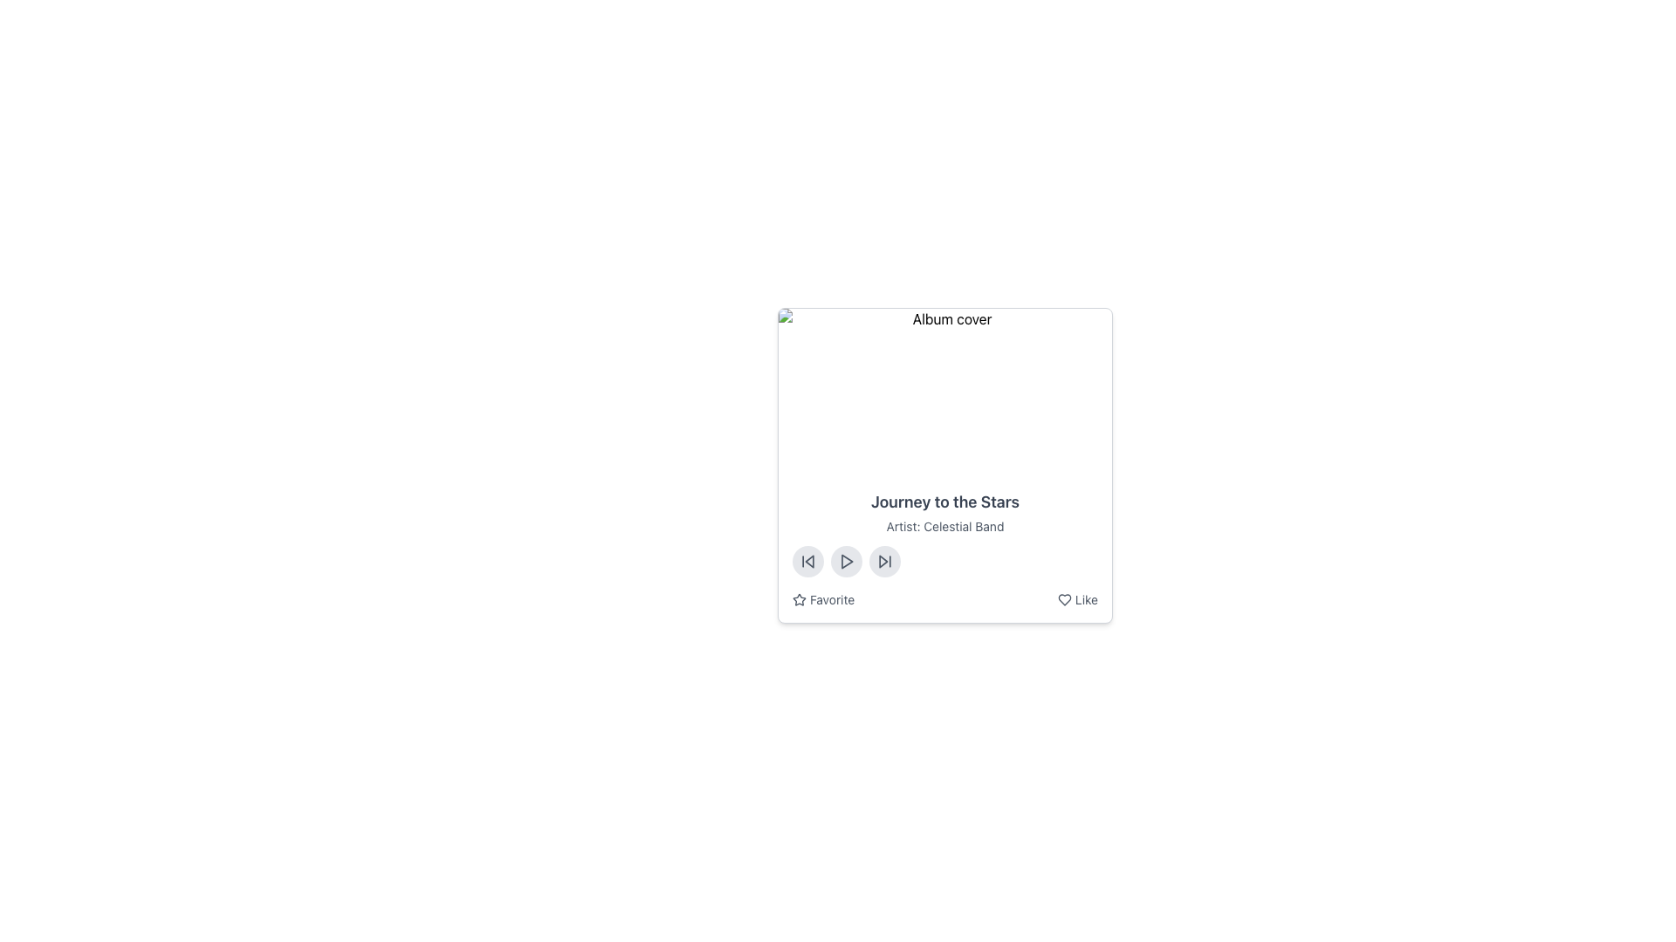 The image size is (1676, 942). I want to click on the Label providing supplementary information about the artist of the album or song, which is located directly under 'Journey to the Stars' and above interactive controls, so click(944, 526).